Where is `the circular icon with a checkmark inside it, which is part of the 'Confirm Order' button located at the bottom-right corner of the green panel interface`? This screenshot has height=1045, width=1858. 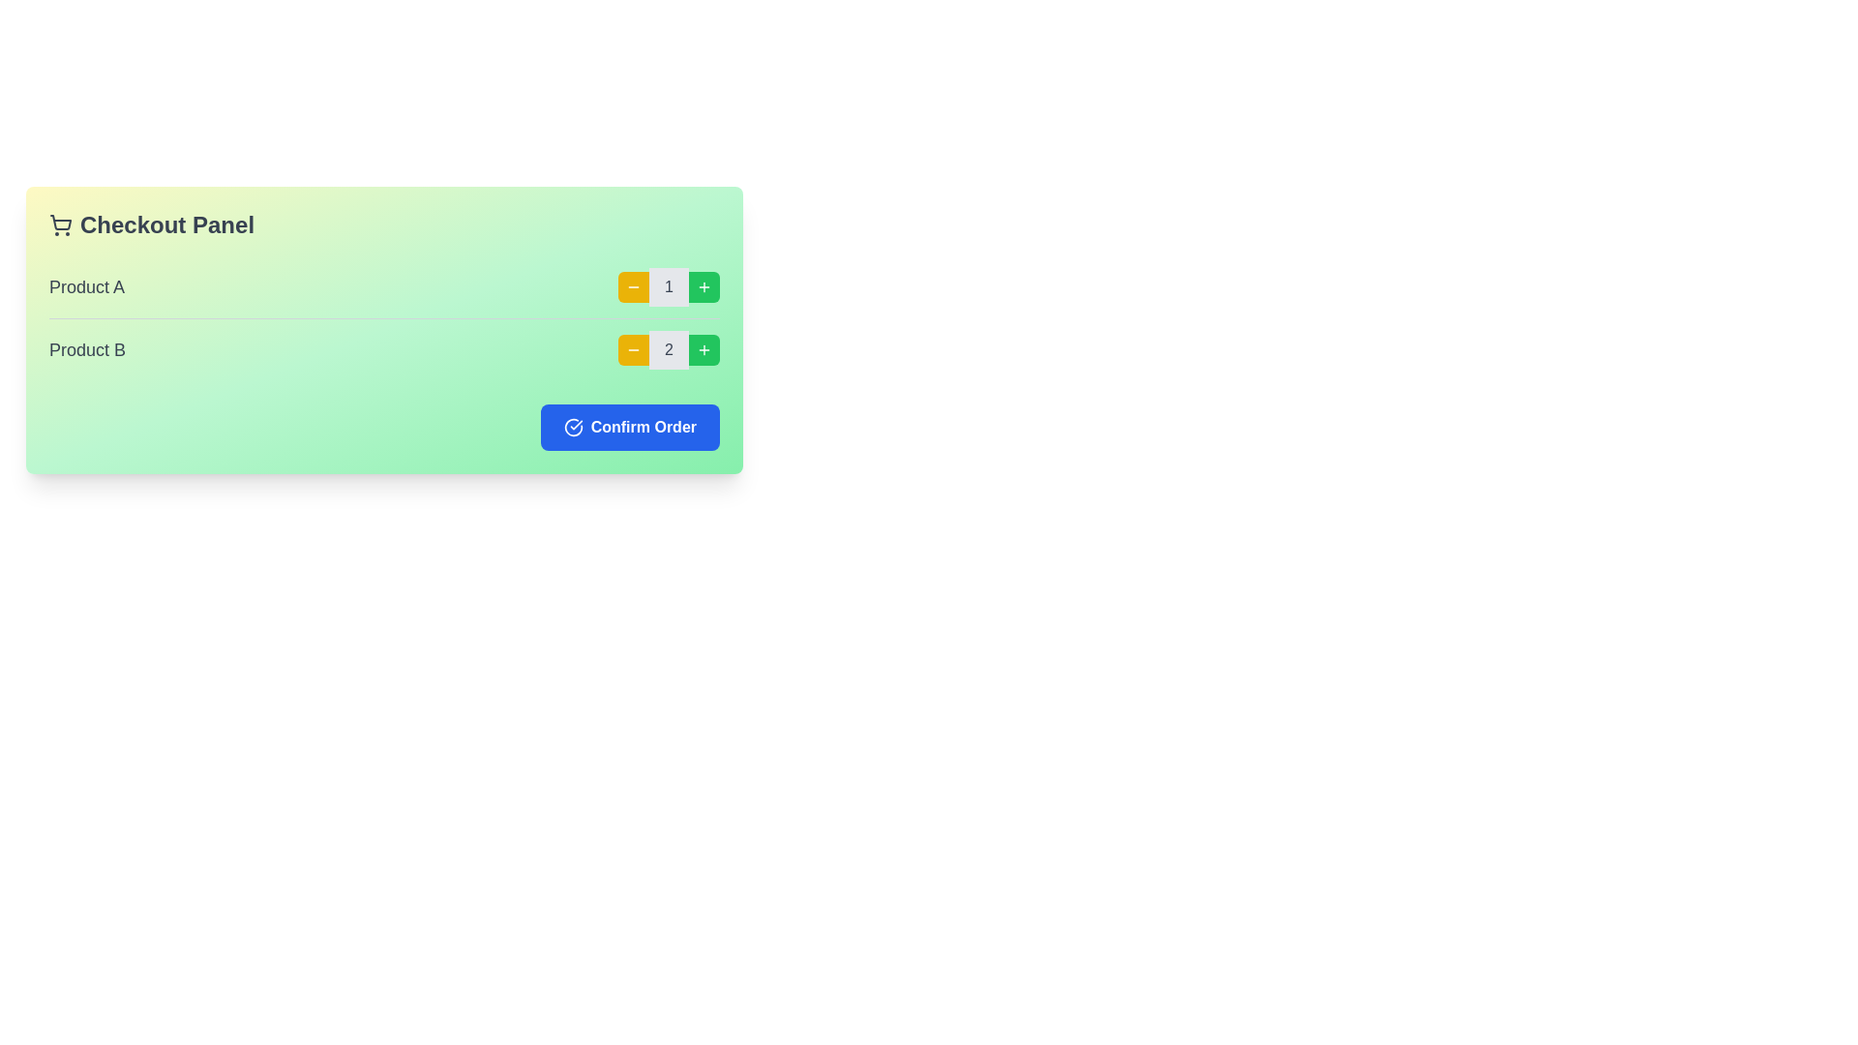
the circular icon with a checkmark inside it, which is part of the 'Confirm Order' button located at the bottom-right corner of the green panel interface is located at coordinates (572, 427).